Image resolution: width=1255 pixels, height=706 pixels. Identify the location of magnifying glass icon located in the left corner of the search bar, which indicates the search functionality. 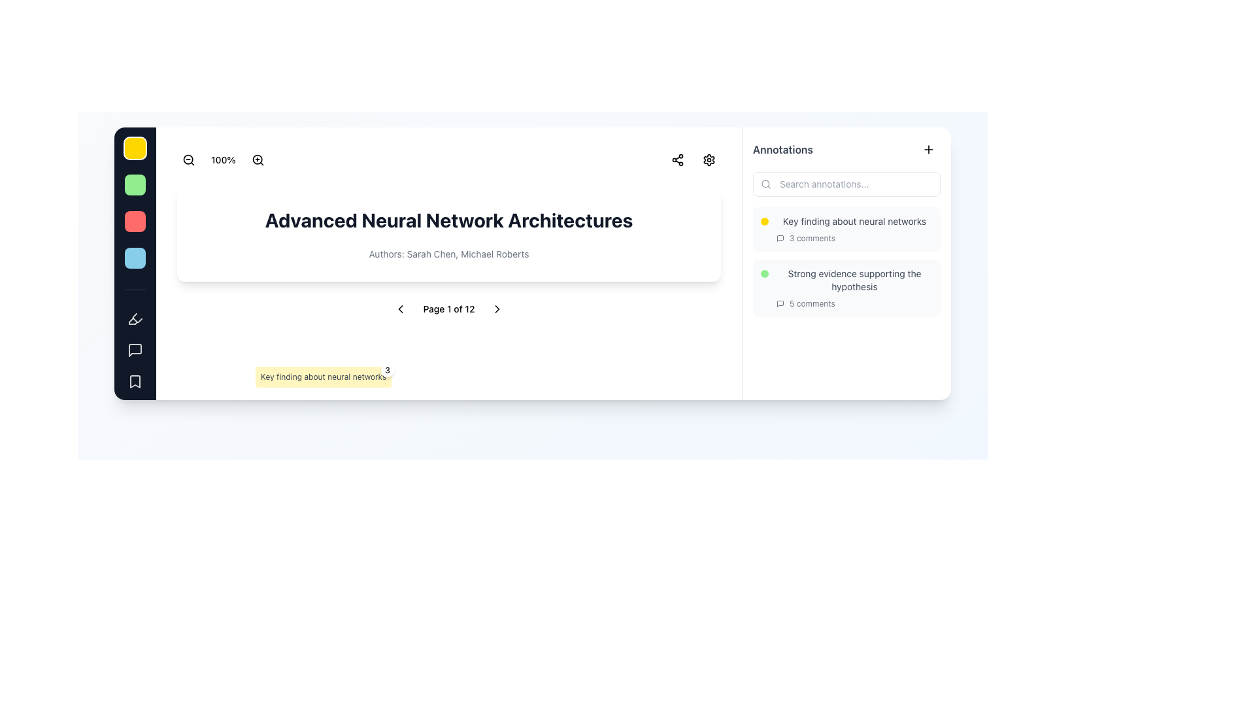
(765, 184).